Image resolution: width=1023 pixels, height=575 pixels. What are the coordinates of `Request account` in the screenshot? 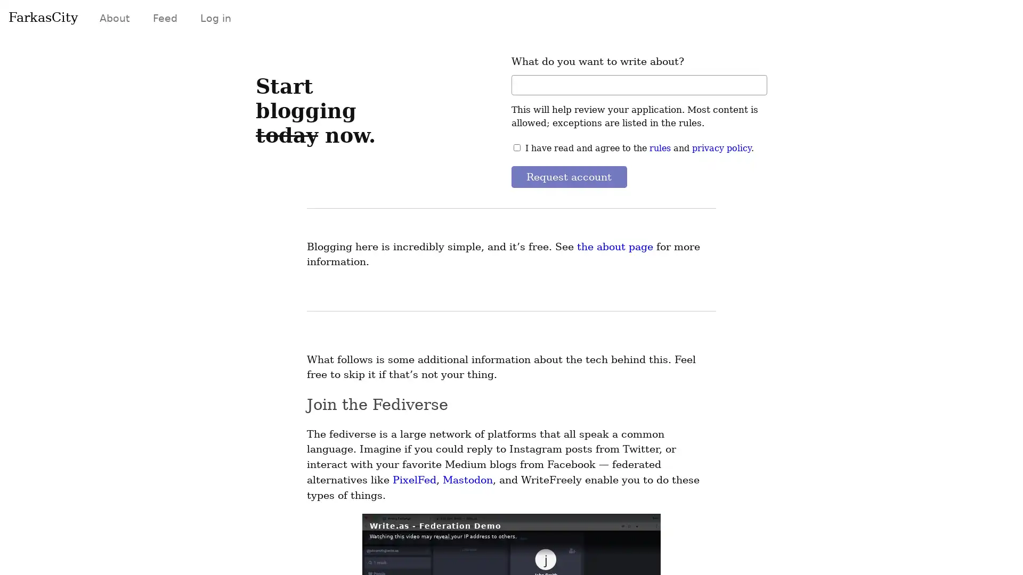 It's located at (569, 176).